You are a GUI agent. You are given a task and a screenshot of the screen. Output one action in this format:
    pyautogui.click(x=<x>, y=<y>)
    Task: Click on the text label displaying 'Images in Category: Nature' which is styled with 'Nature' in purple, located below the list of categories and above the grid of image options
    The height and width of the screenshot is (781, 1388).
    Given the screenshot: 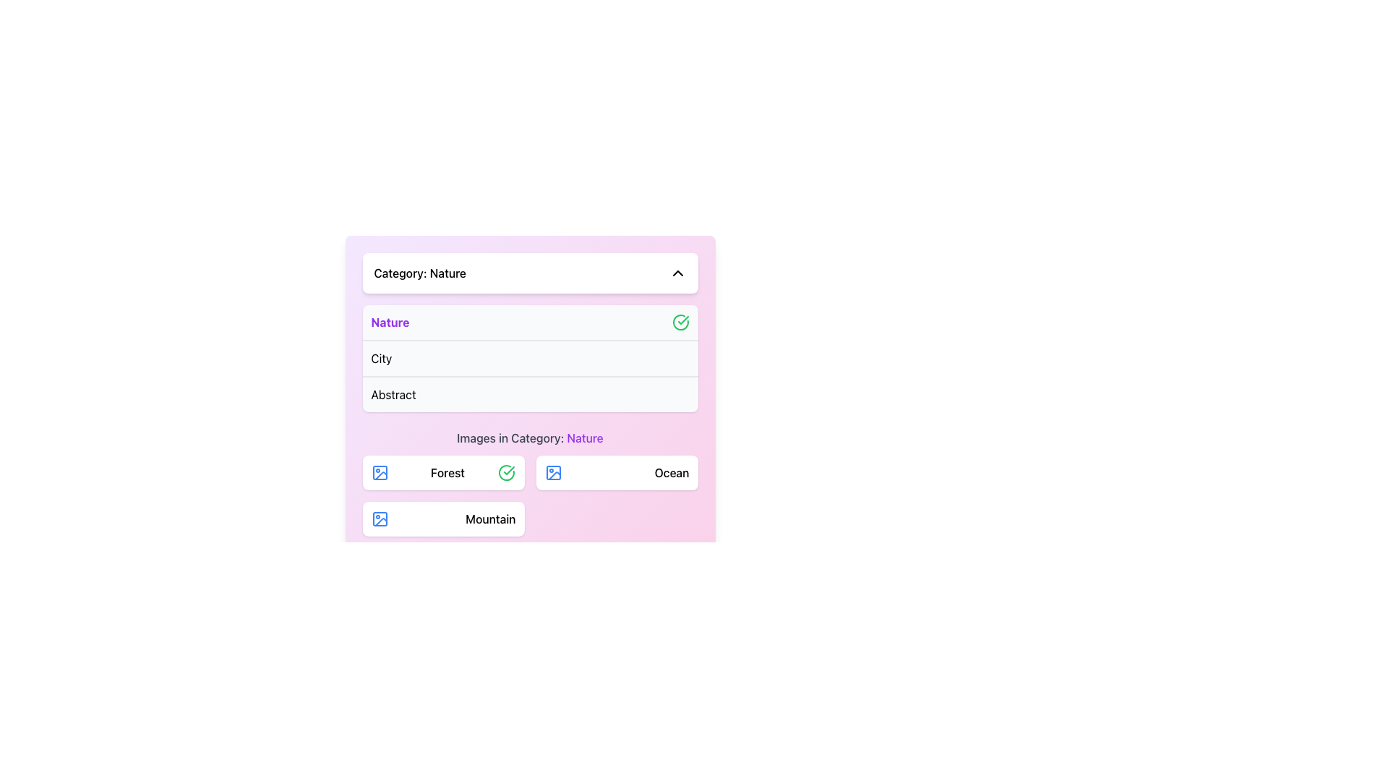 What is the action you would take?
    pyautogui.click(x=529, y=437)
    